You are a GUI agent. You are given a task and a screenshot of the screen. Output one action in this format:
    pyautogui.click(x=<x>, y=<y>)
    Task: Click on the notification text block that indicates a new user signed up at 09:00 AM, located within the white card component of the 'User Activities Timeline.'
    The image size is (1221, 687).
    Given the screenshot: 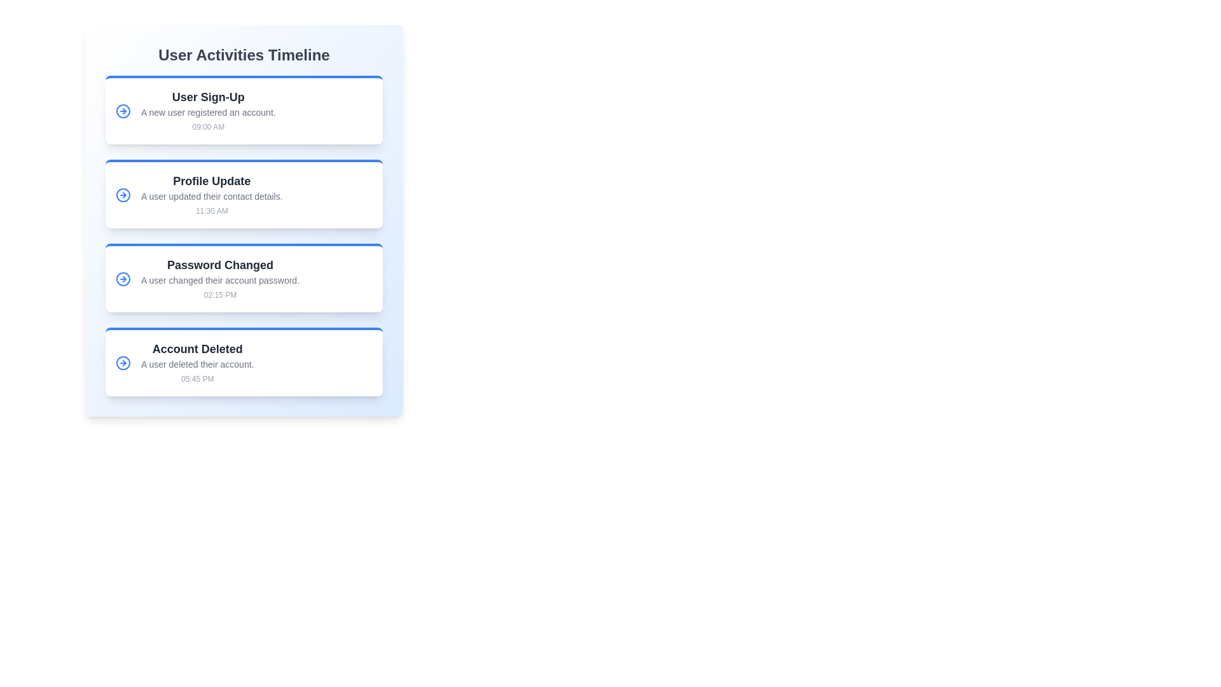 What is the action you would take?
    pyautogui.click(x=208, y=110)
    